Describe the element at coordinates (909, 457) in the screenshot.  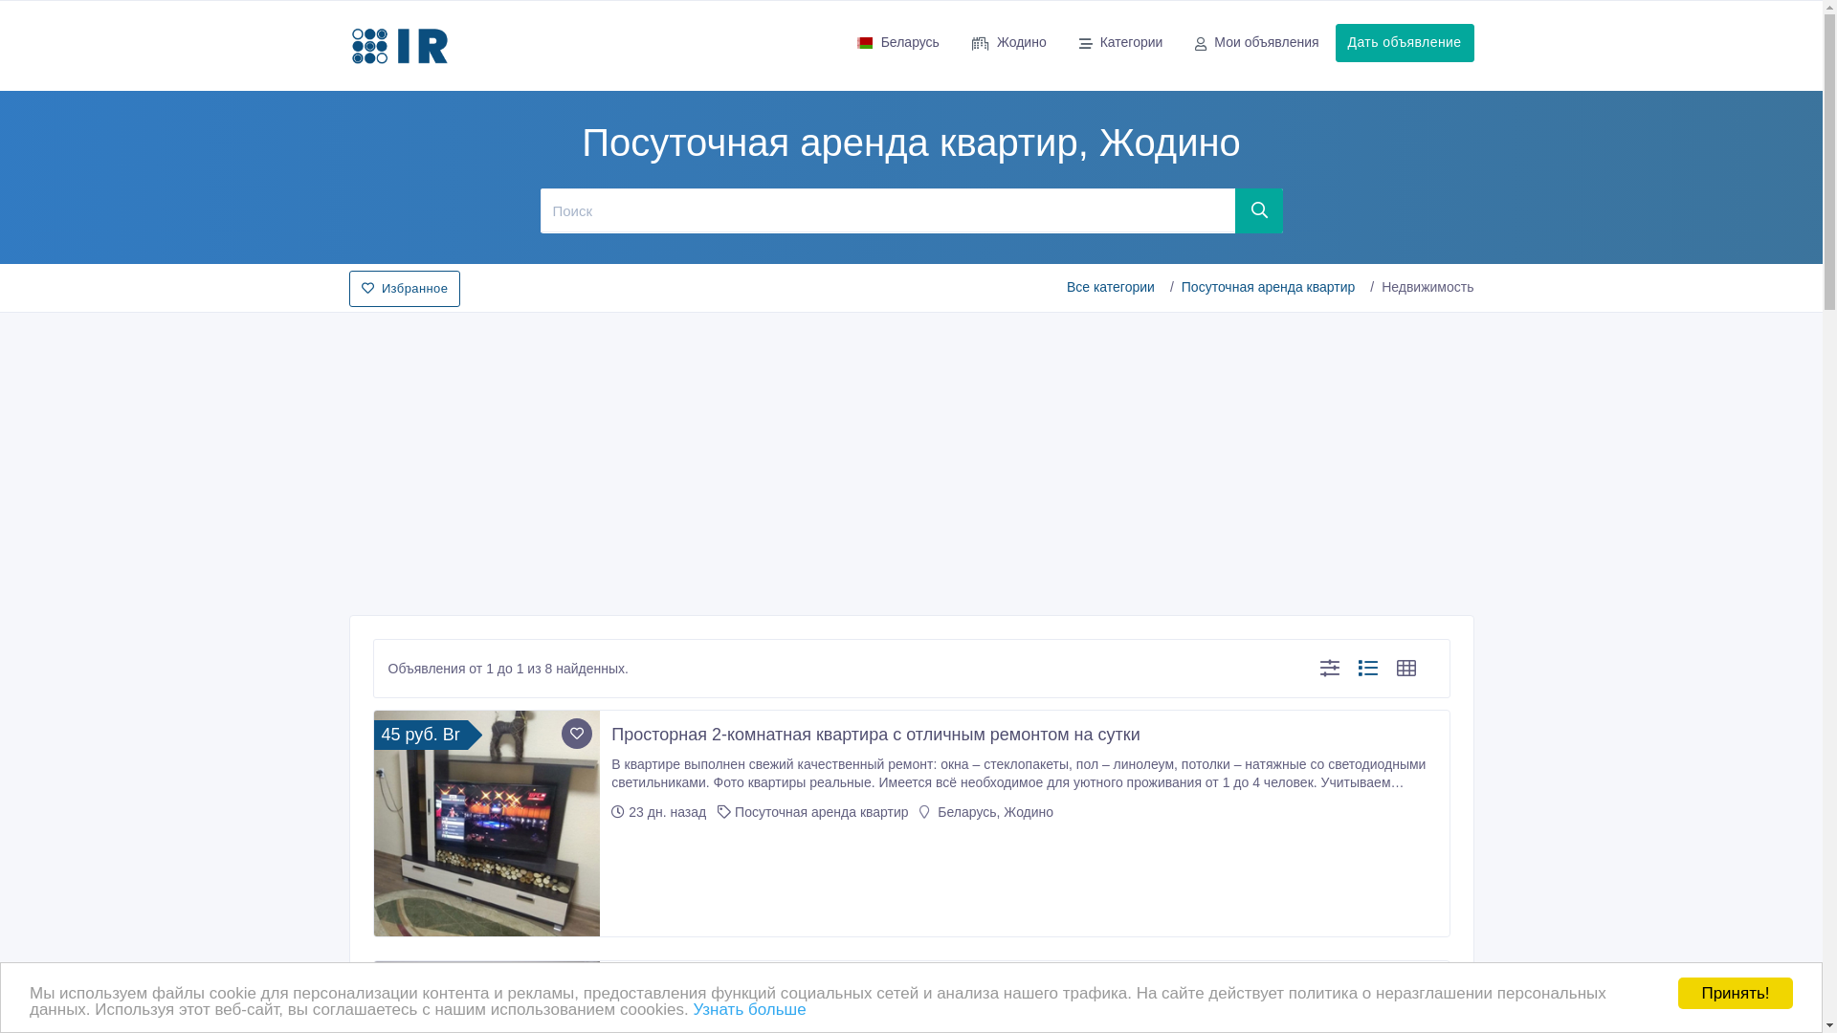
I see `'Advertisement'` at that location.